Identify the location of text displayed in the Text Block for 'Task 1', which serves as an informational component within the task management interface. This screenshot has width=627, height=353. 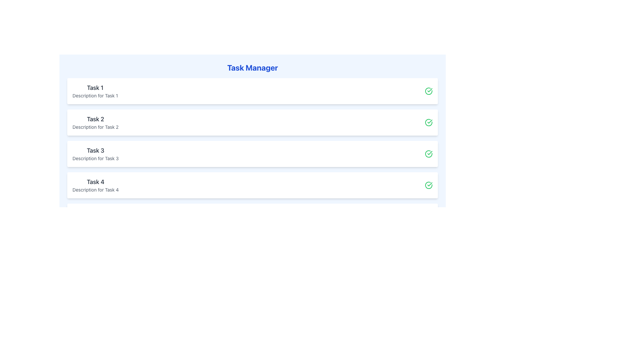
(95, 91).